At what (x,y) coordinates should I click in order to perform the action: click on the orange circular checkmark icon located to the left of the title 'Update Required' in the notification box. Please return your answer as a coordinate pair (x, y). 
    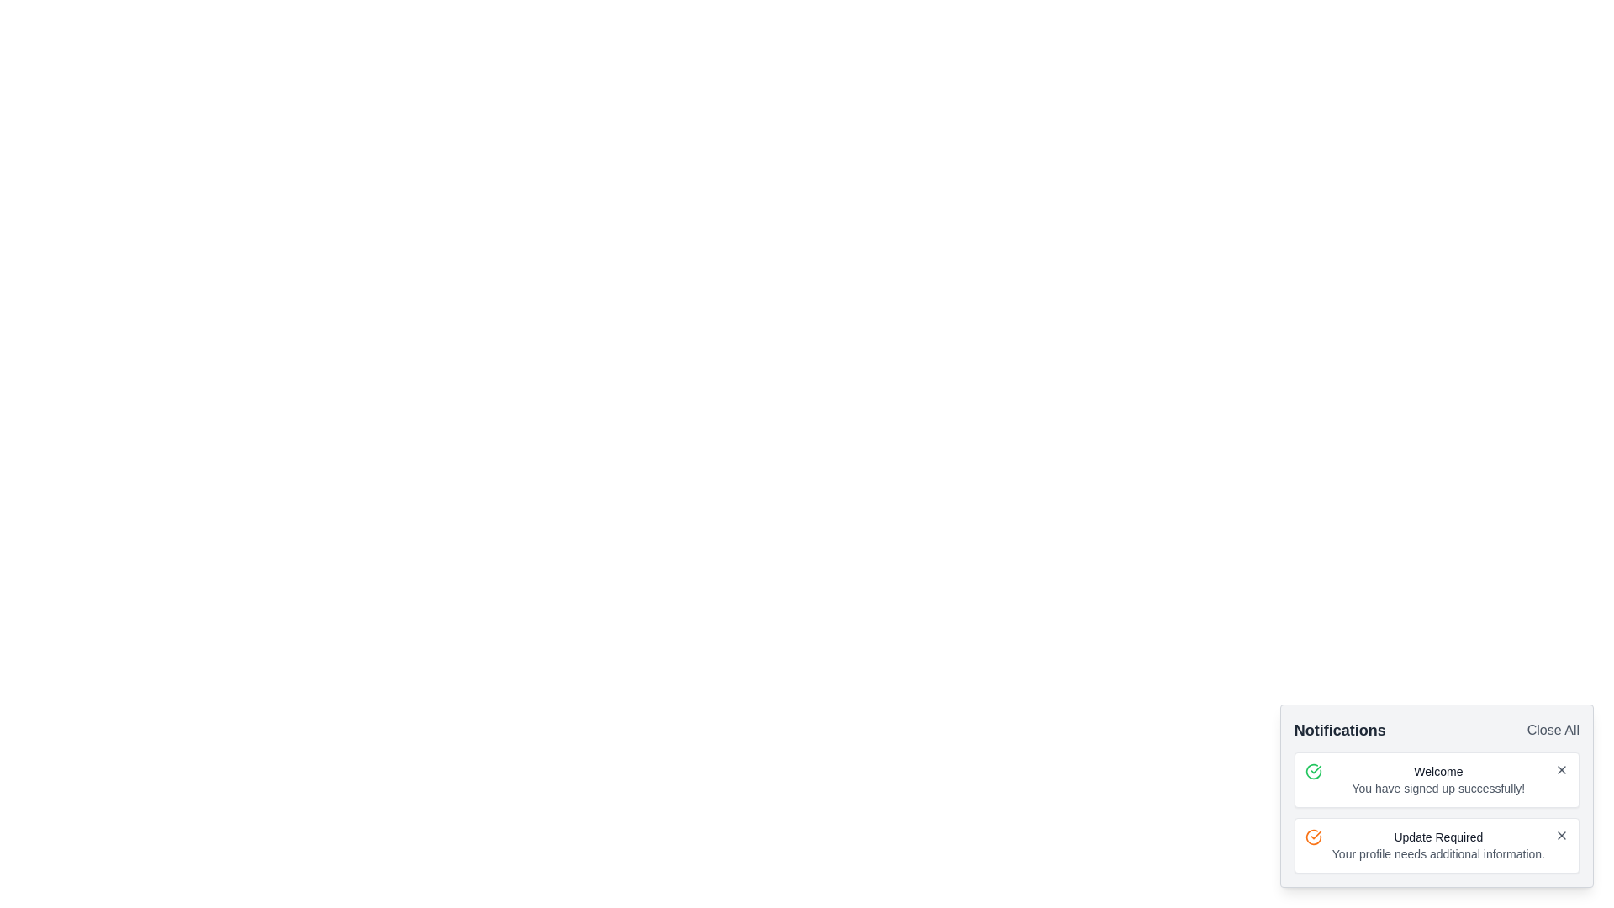
    Looking at the image, I should click on (1312, 837).